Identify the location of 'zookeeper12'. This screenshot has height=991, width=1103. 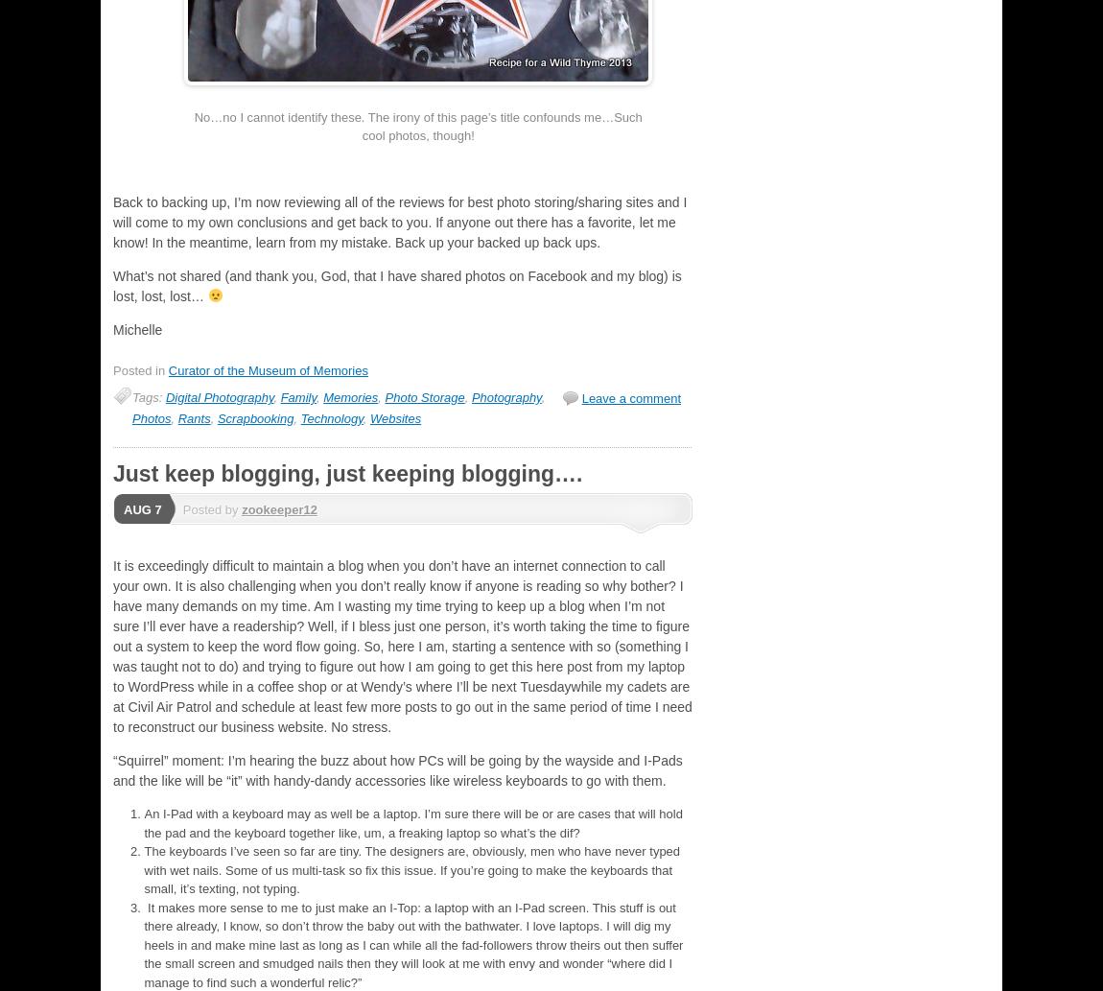
(278, 508).